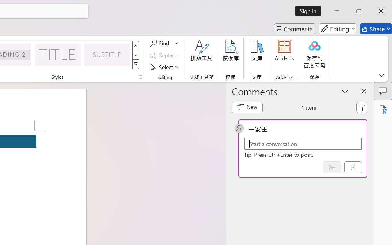  What do you see at coordinates (107, 54) in the screenshot?
I see `'Subtitle'` at bounding box center [107, 54].